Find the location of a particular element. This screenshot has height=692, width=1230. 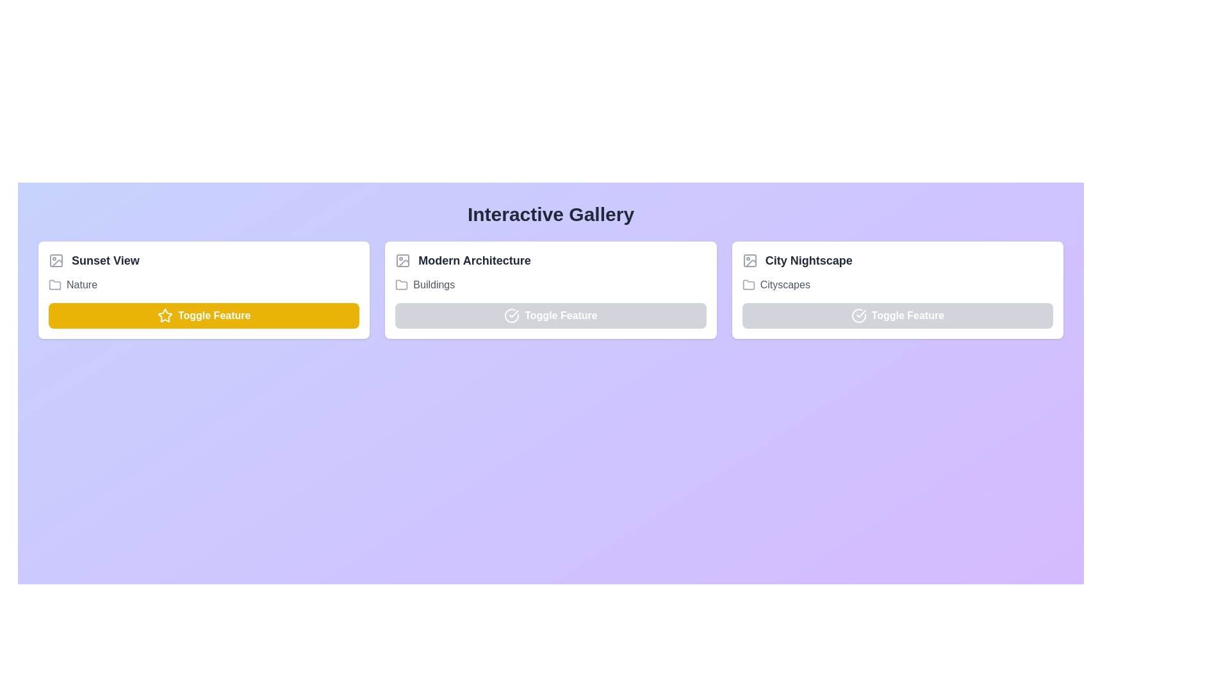

the 'Nature' label with the folder icon, which is the second visual item in the first card (Sunset View) in a horizontally aligned grid is located at coordinates (203, 284).